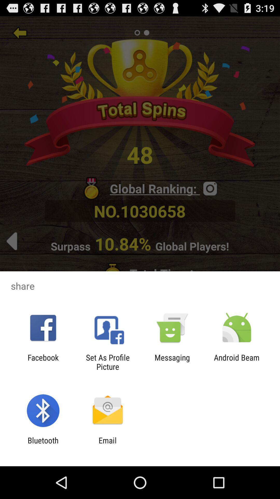 The height and width of the screenshot is (499, 280). What do you see at coordinates (172, 362) in the screenshot?
I see `the icon next to the android beam item` at bounding box center [172, 362].